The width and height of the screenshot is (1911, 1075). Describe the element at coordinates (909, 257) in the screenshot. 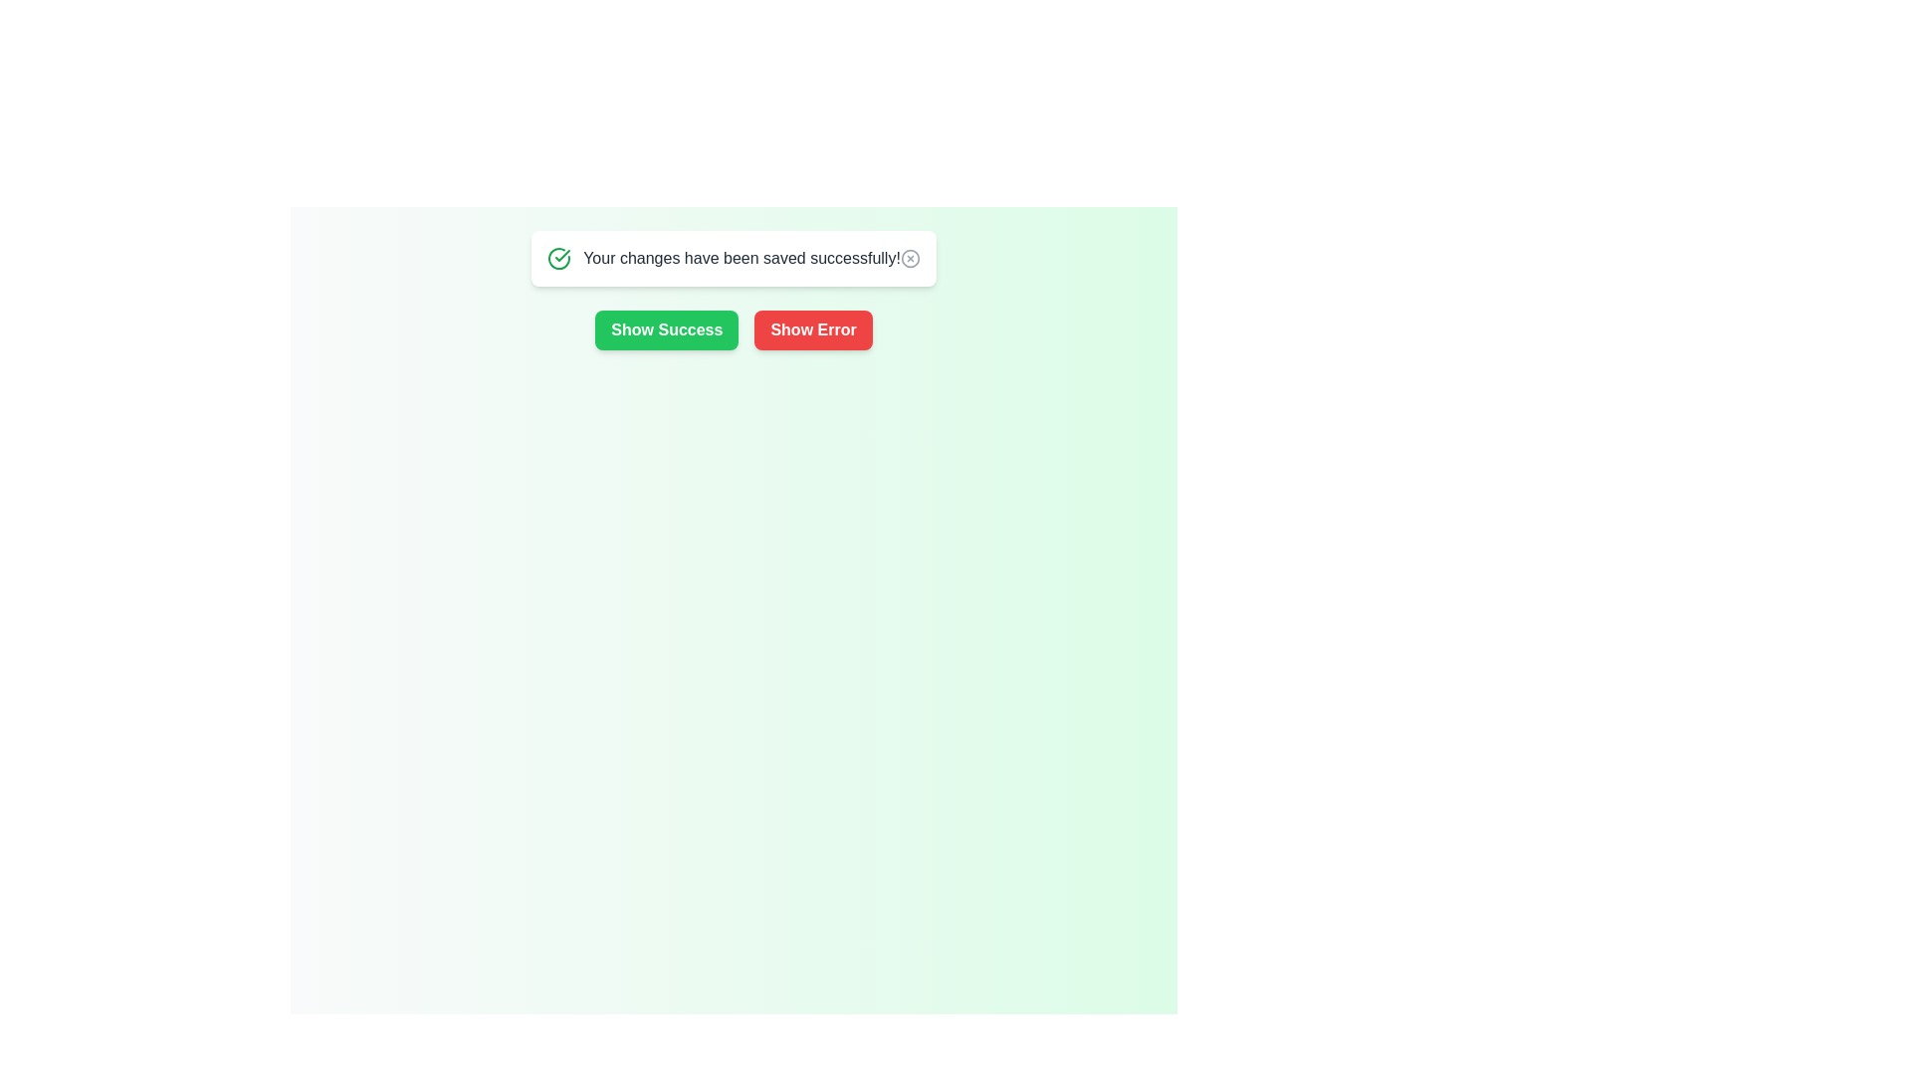

I see `close icon on the snackbar to dismiss it` at that location.